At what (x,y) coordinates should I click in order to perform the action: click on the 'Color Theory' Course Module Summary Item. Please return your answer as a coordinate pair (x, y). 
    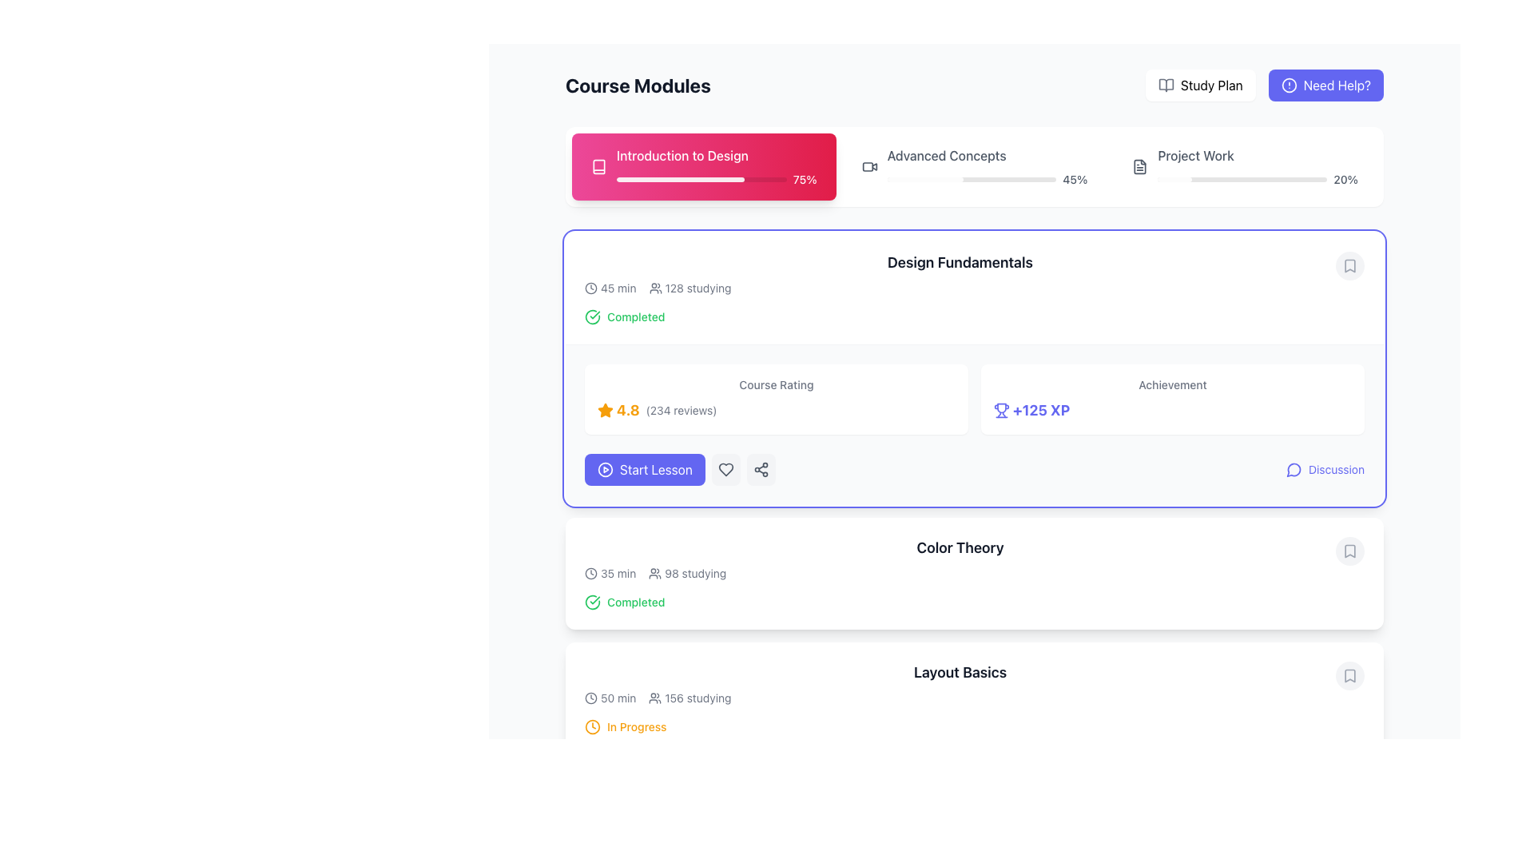
    Looking at the image, I should click on (973, 558).